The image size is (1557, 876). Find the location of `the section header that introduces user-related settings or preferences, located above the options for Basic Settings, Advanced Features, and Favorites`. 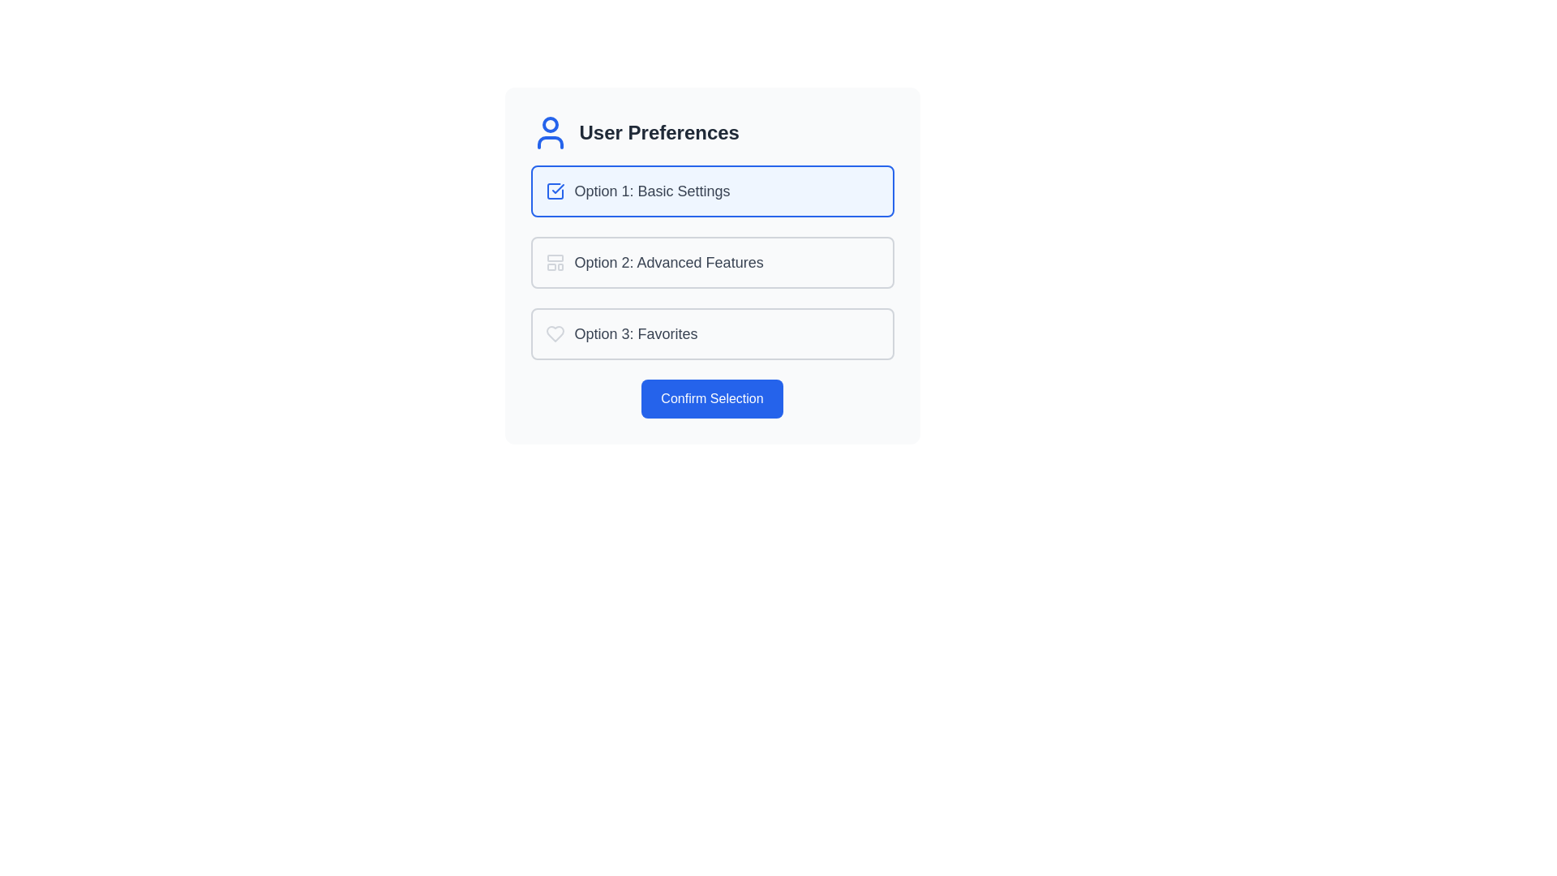

the section header that introduces user-related settings or preferences, located above the options for Basic Settings, Advanced Features, and Favorites is located at coordinates (712, 132).